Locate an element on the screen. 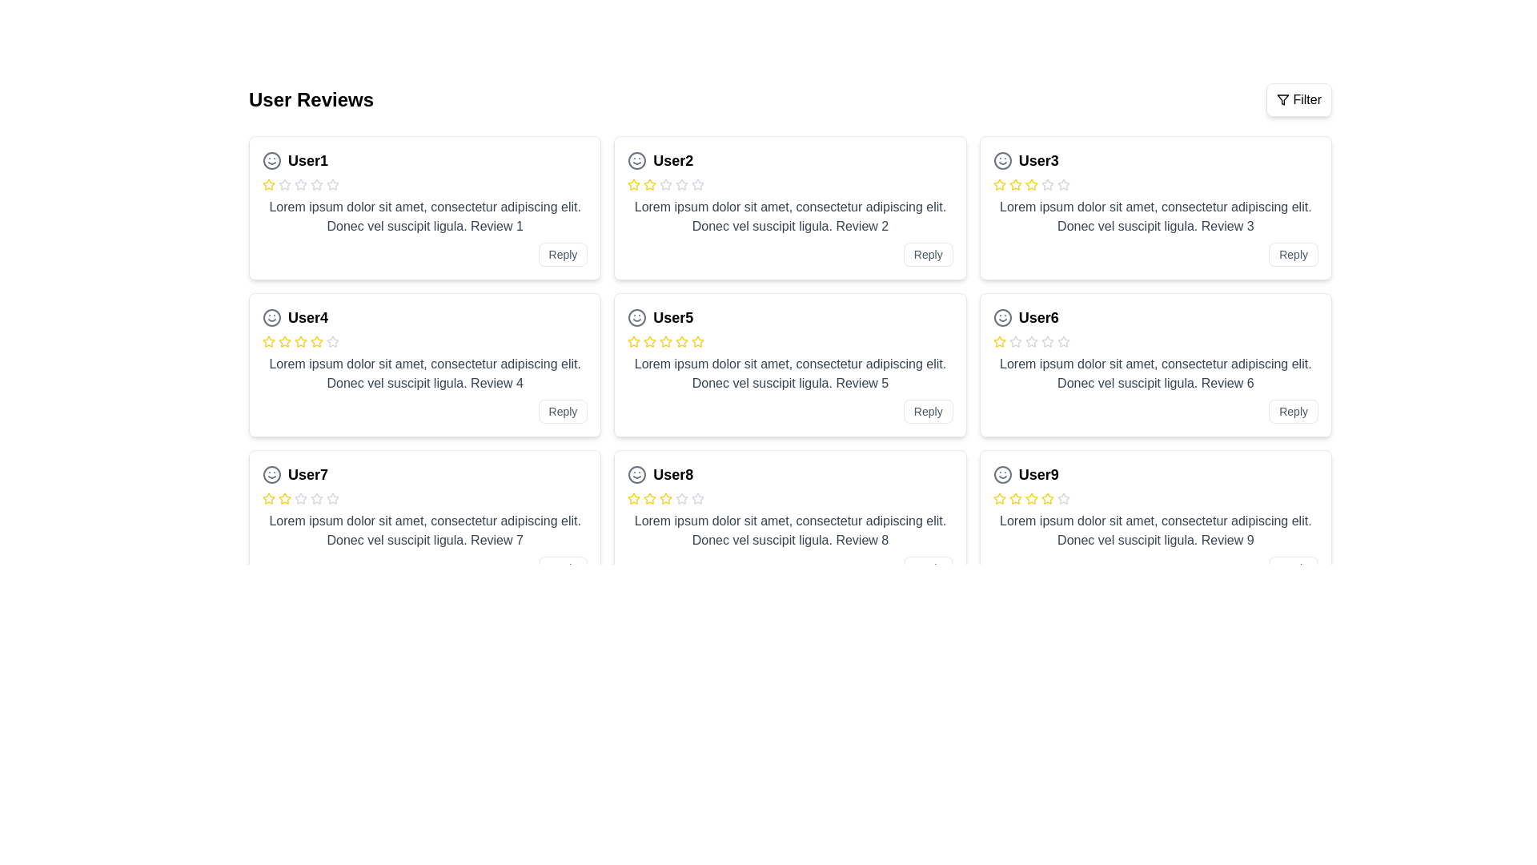 The width and height of the screenshot is (1537, 865). the third star icon in the rating component of User5's review card to set a rating is located at coordinates (682, 340).